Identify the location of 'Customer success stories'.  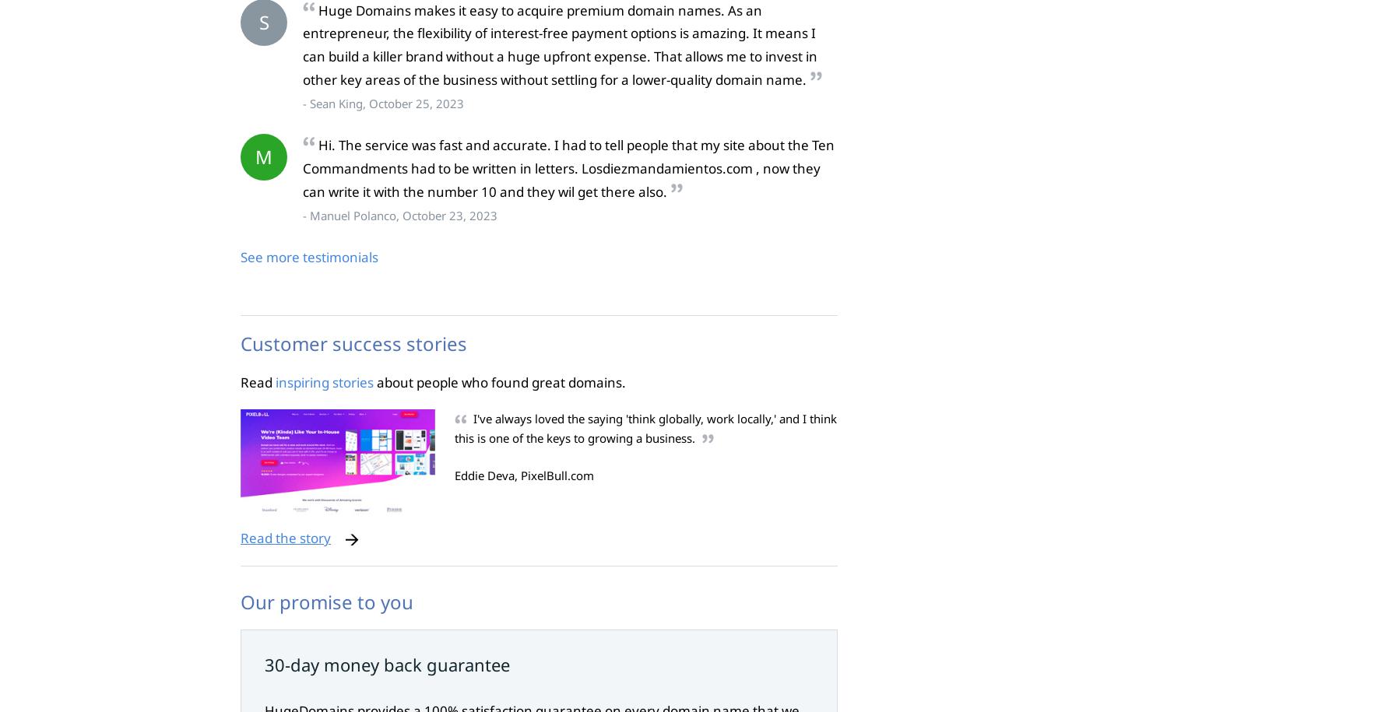
(353, 342).